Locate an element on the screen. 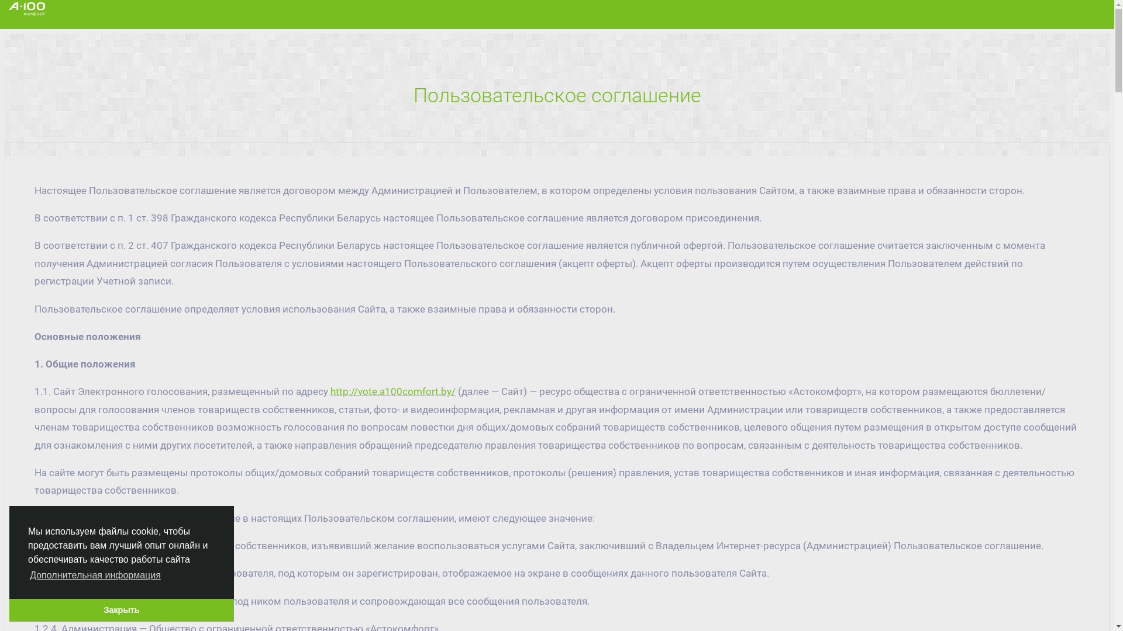  'http://vote.a100comfort.by/' is located at coordinates (393, 391).